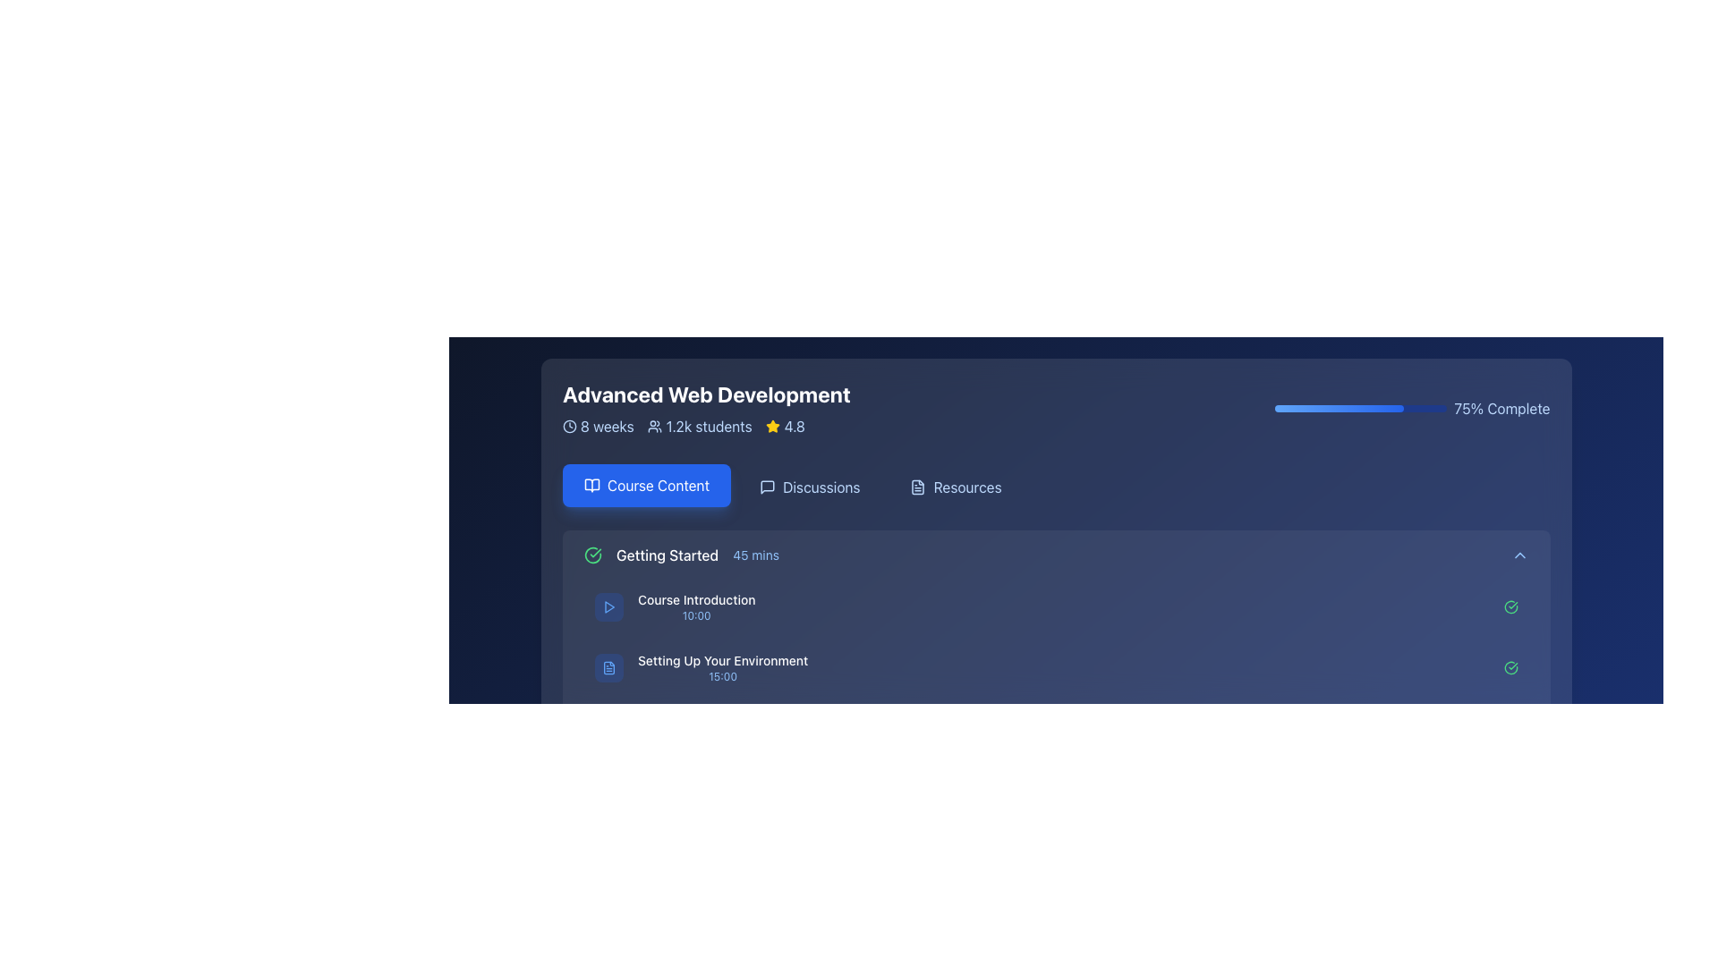 Image resolution: width=1718 pixels, height=966 pixels. I want to click on the SVG play button icon, which is a triangular shape pointing to the right with a blue color scheme, located to the left of the 'Course Introduction' text in the 'Getting Started' section, so click(608, 606).